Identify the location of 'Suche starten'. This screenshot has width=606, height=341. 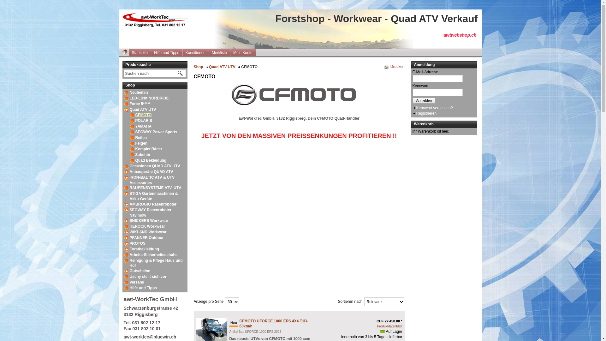
(180, 73).